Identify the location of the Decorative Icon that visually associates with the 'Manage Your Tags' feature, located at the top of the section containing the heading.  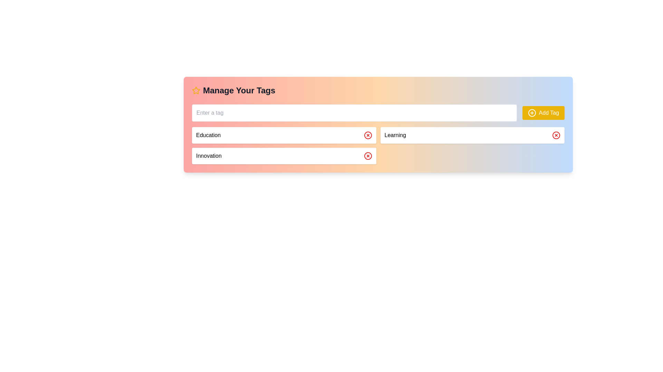
(195, 90).